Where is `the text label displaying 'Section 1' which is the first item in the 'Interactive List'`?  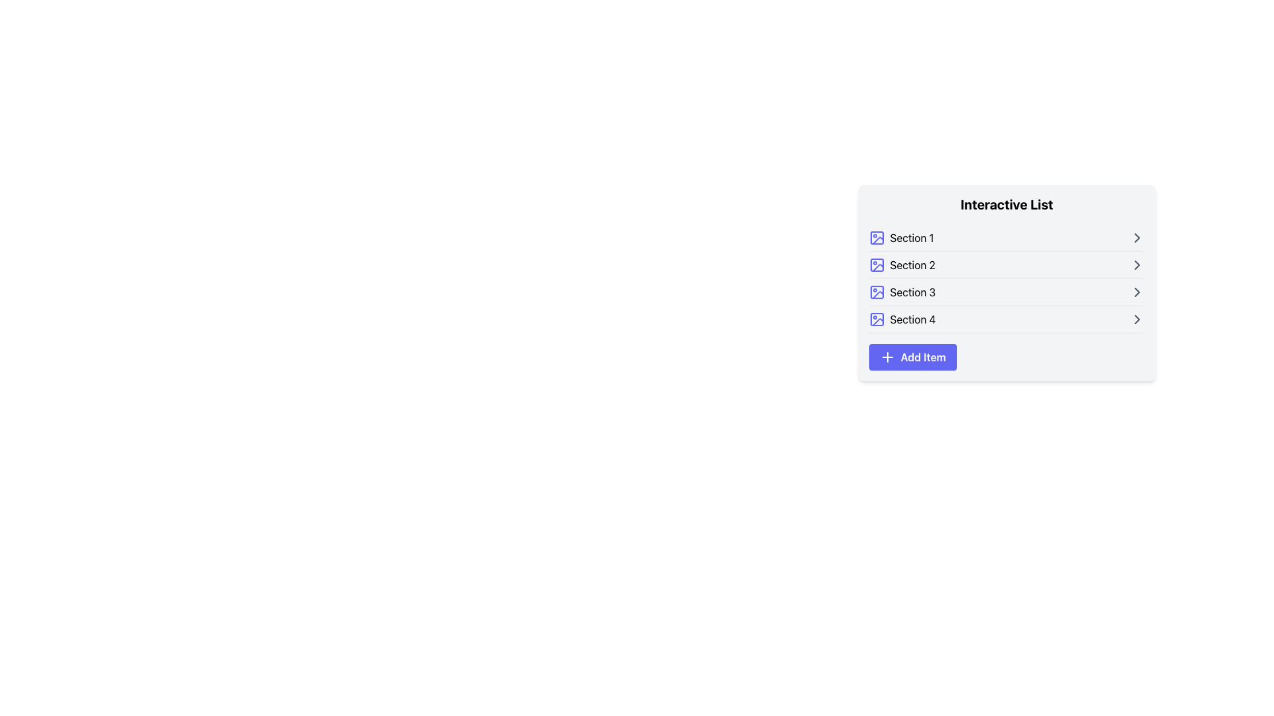 the text label displaying 'Section 1' which is the first item in the 'Interactive List' is located at coordinates (911, 237).